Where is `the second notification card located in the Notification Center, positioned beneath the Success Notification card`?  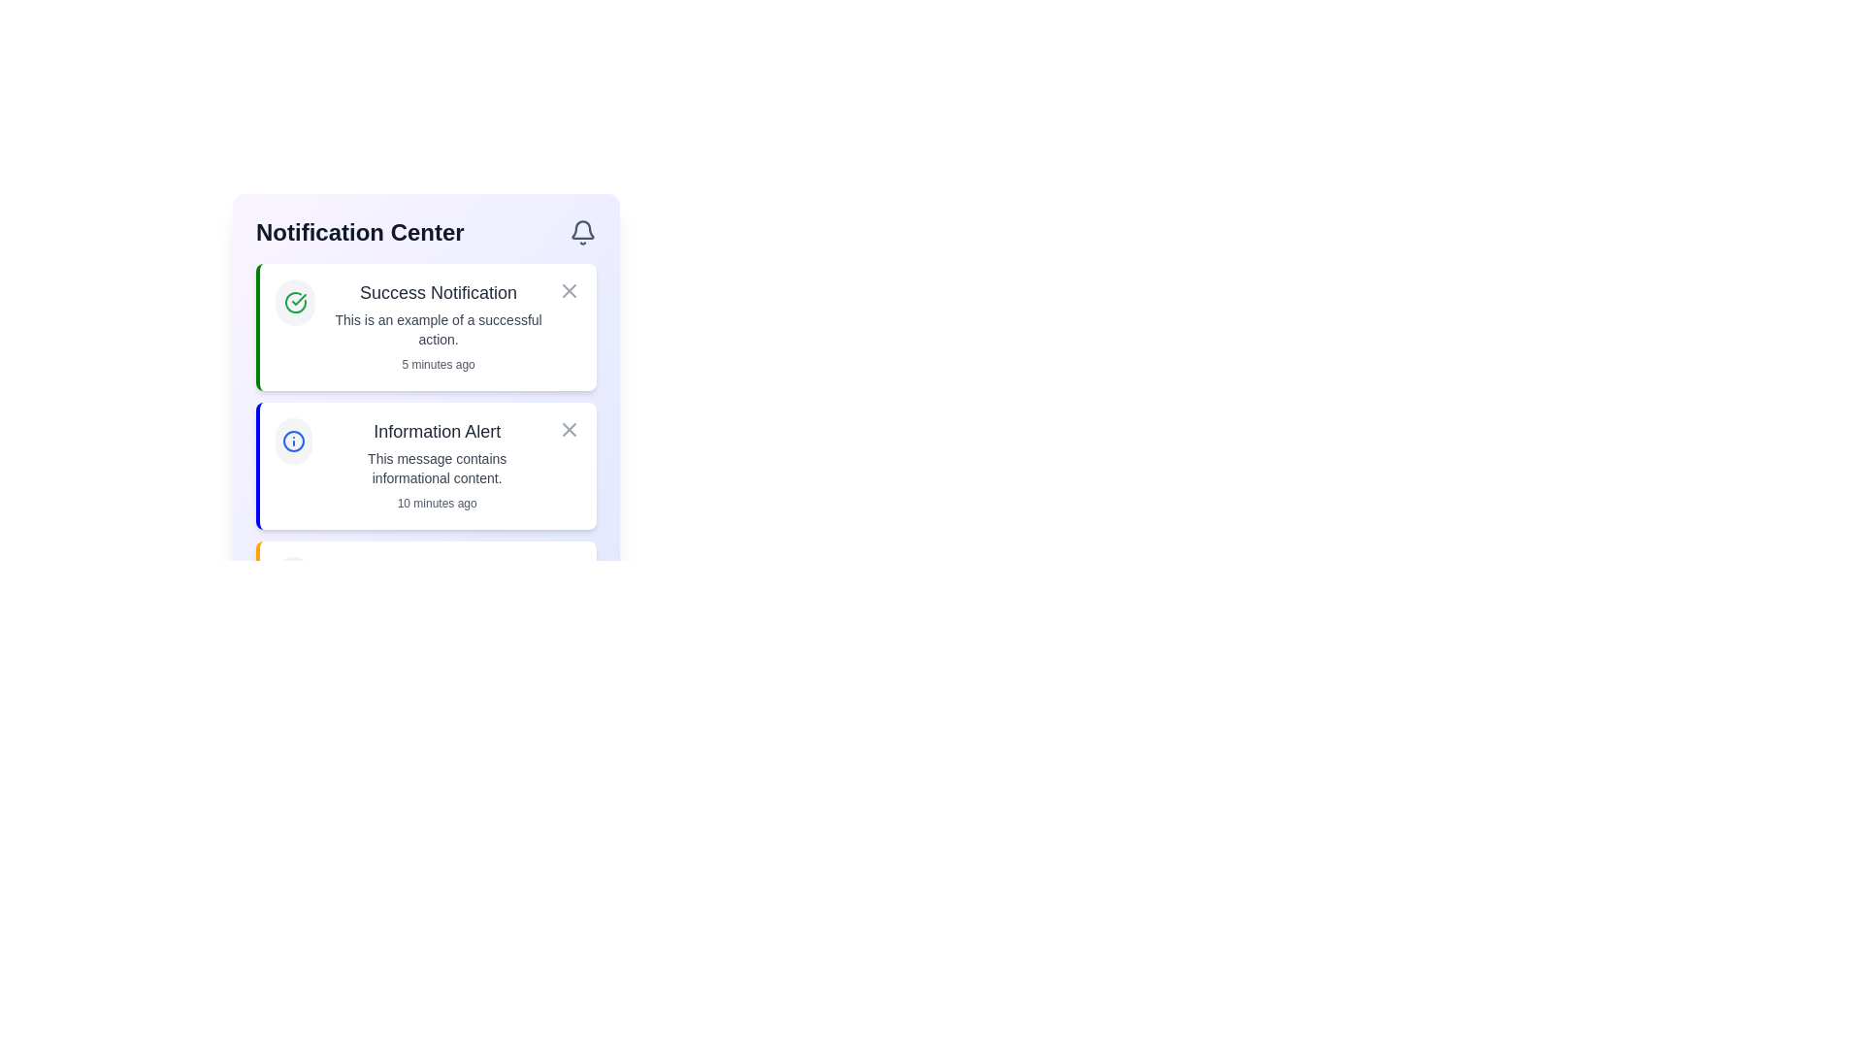
the second notification card located in the Notification Center, positioned beneath the Success Notification card is located at coordinates (425, 466).